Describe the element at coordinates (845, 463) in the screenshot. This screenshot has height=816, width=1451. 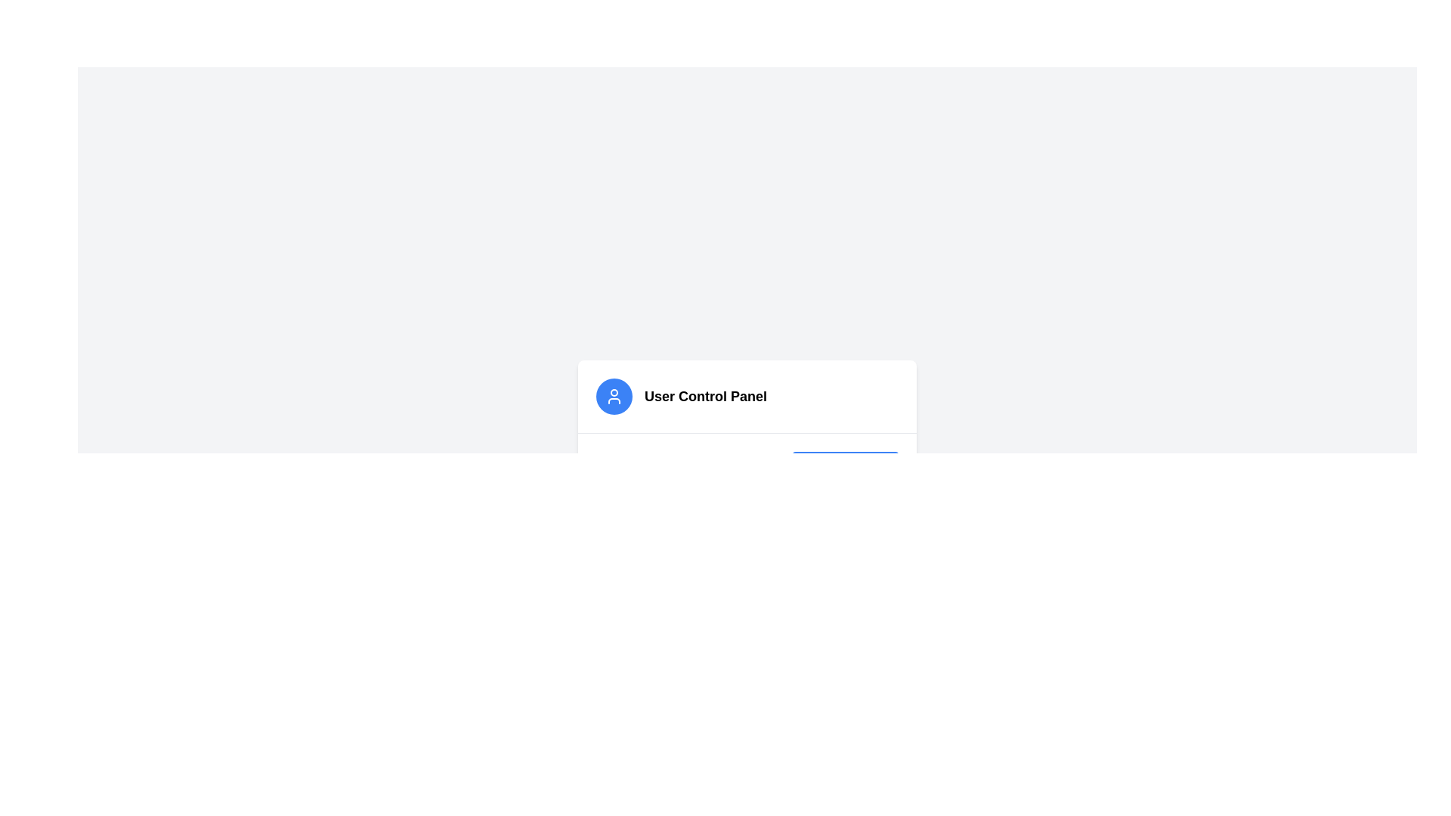
I see `the blue rectangular button labeled 'Remove (5)' to observe any tooltip or visual feedback` at that location.